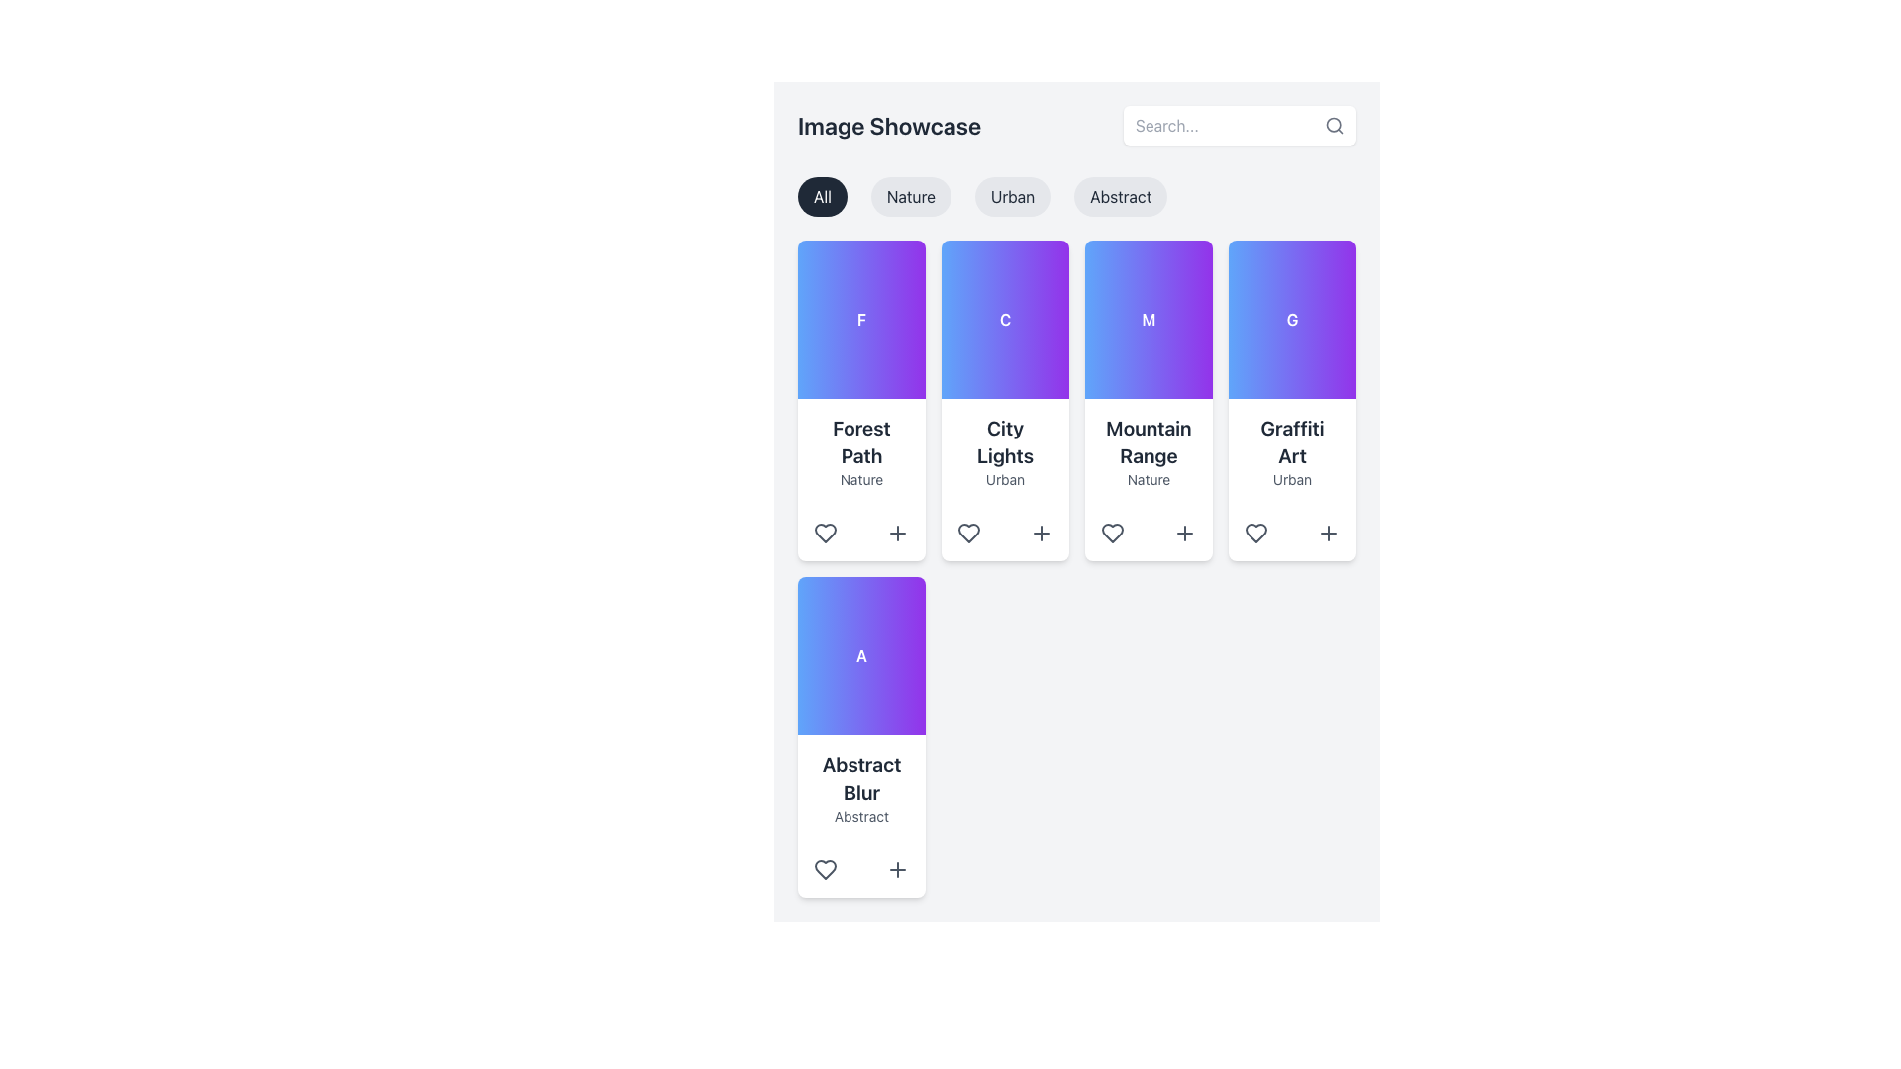 The height and width of the screenshot is (1069, 1901). Describe the element at coordinates (861, 788) in the screenshot. I see `the Multi-line text block labeled 'Abstract Blur' and category 'Abstract' located in the lower section of the leftmost card in the third row` at that location.